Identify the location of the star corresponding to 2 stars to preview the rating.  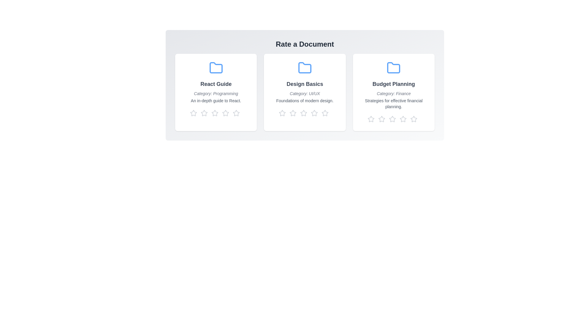
(205, 113).